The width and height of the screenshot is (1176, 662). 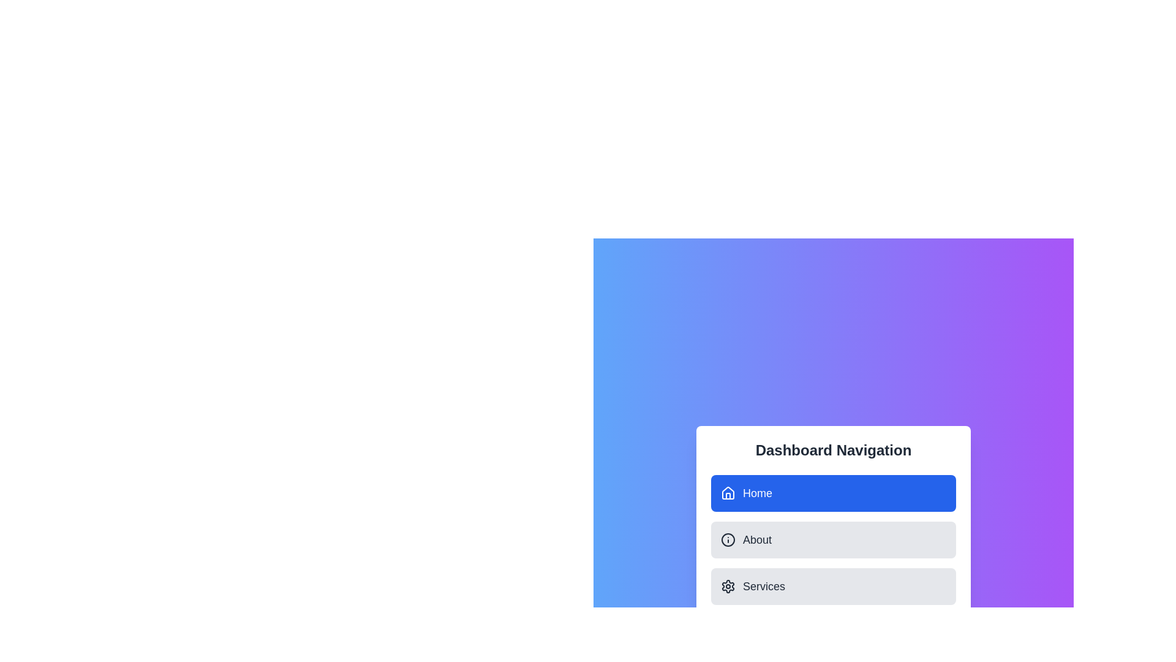 I want to click on the information icon, which is a circular shape outlined in a darker color, located next to the 'About' section in the vertical navigation menu, so click(x=728, y=539).